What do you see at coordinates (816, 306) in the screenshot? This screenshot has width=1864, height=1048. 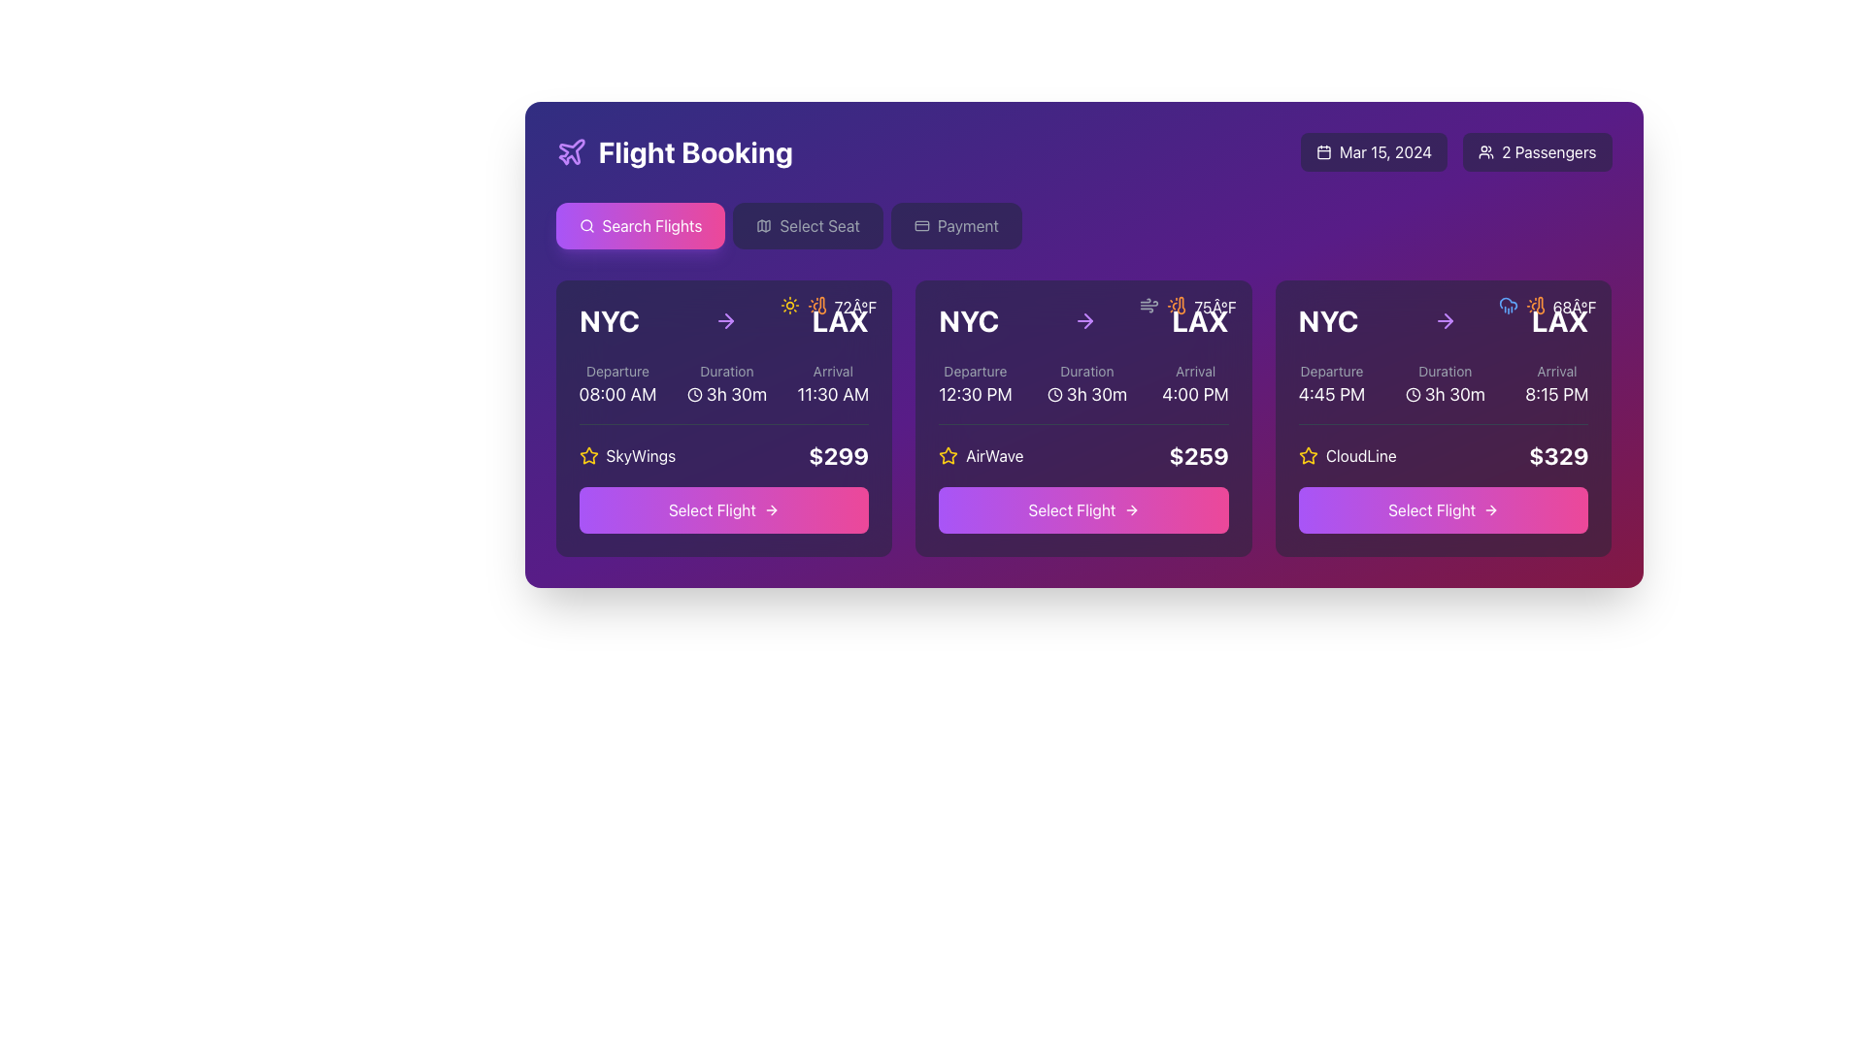 I see `the orange thermometer icon with sun-like features located in the top-right corner of the first card in the grid layout` at bounding box center [816, 306].